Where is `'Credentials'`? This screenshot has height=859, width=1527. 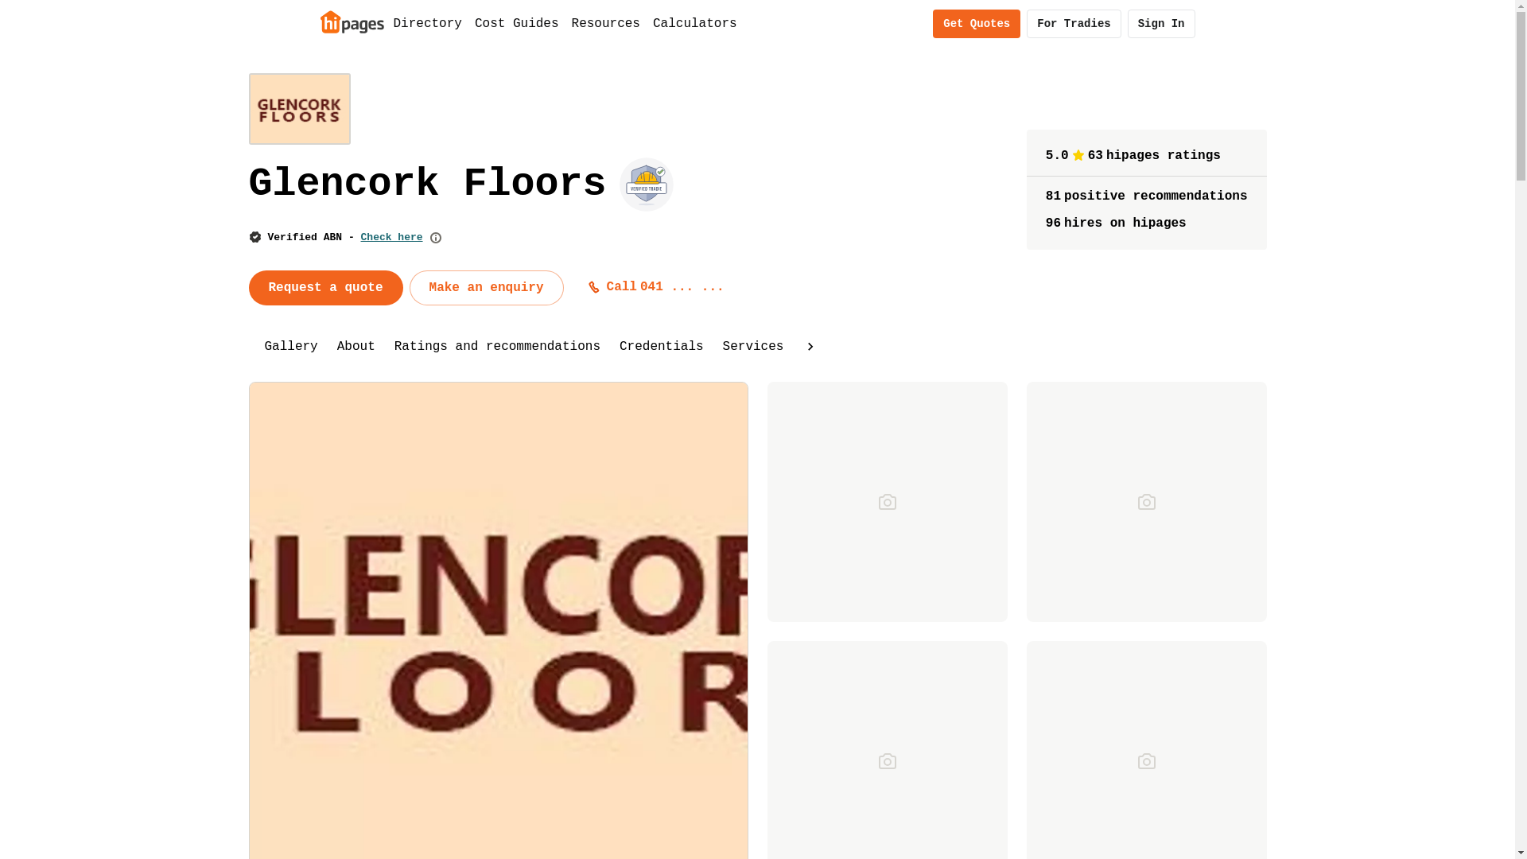
'Credentials' is located at coordinates (661, 345).